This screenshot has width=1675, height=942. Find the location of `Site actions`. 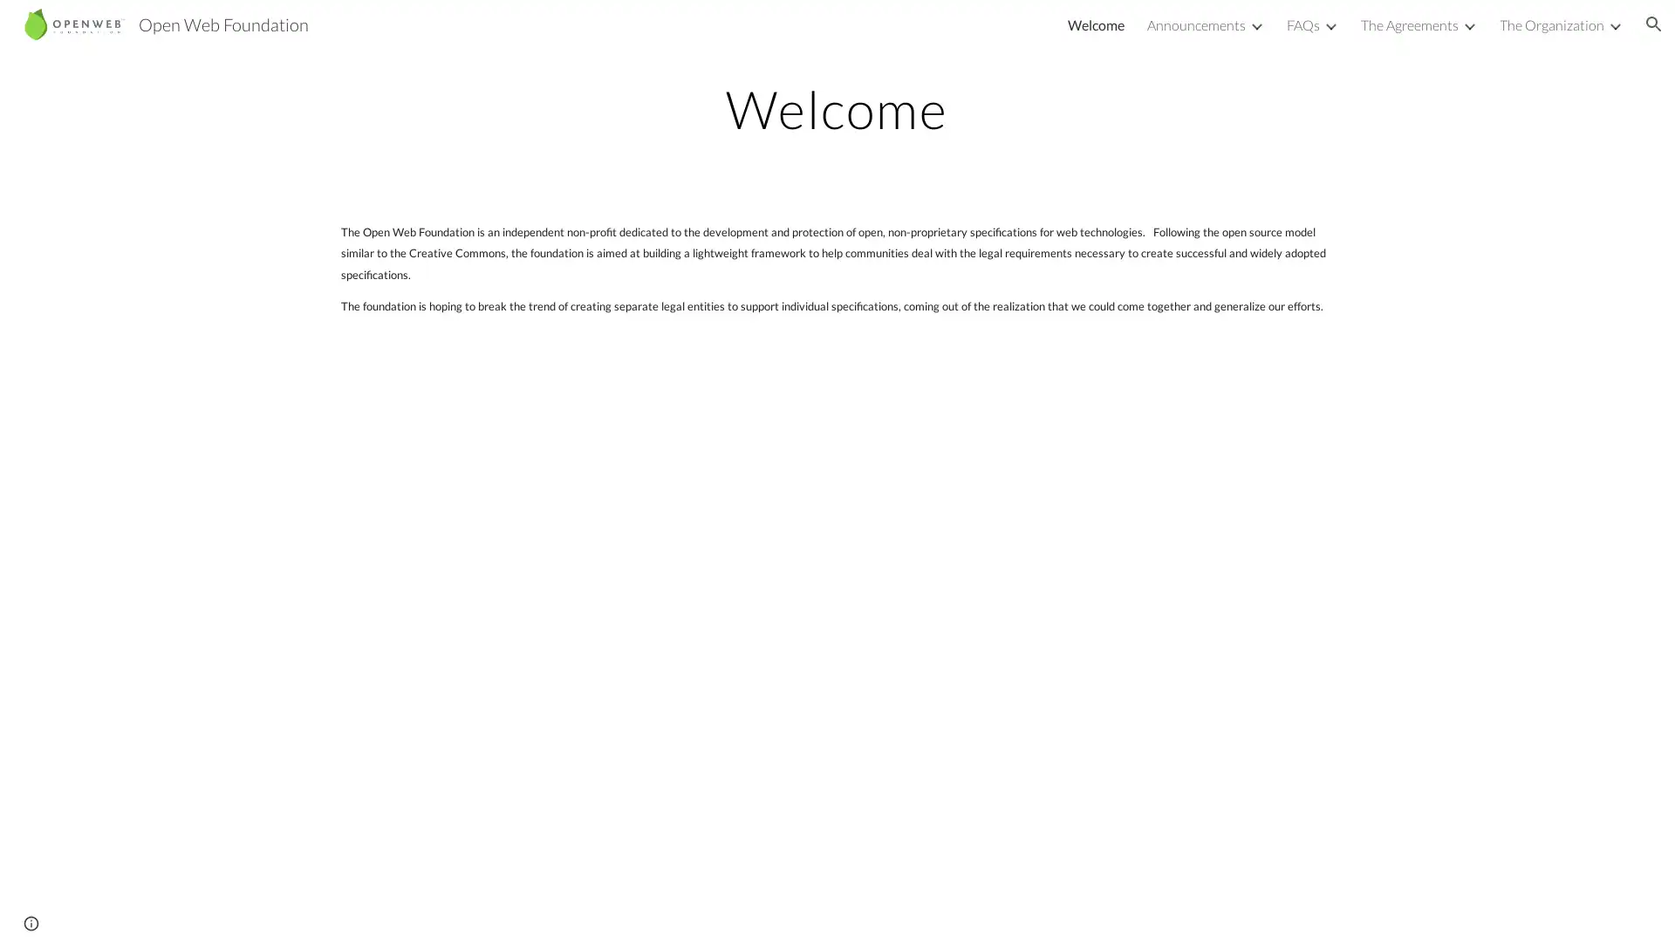

Site actions is located at coordinates (31, 911).